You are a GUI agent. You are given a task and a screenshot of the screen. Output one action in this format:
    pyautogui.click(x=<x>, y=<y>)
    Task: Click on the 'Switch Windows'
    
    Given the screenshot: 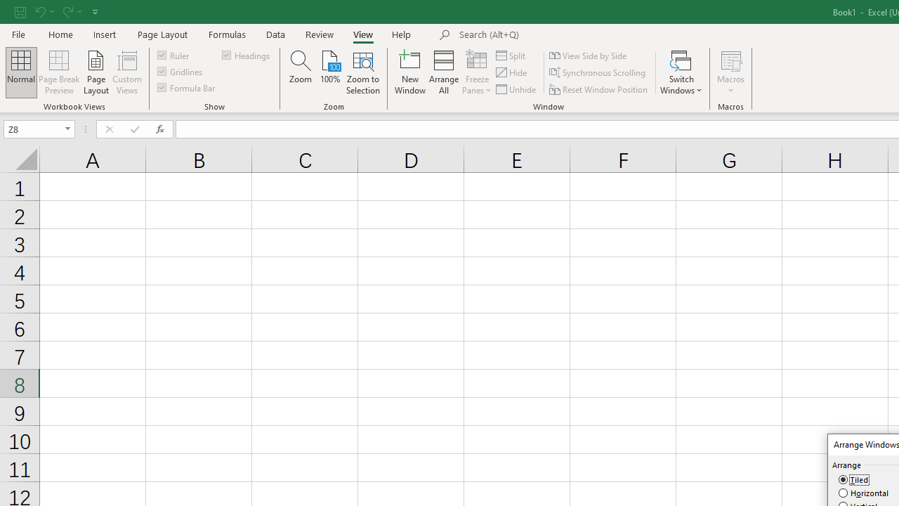 What is the action you would take?
    pyautogui.click(x=681, y=72)
    